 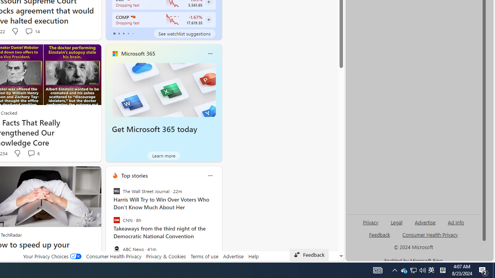 What do you see at coordinates (78, 176) in the screenshot?
I see `'Hide this story'` at bounding box center [78, 176].